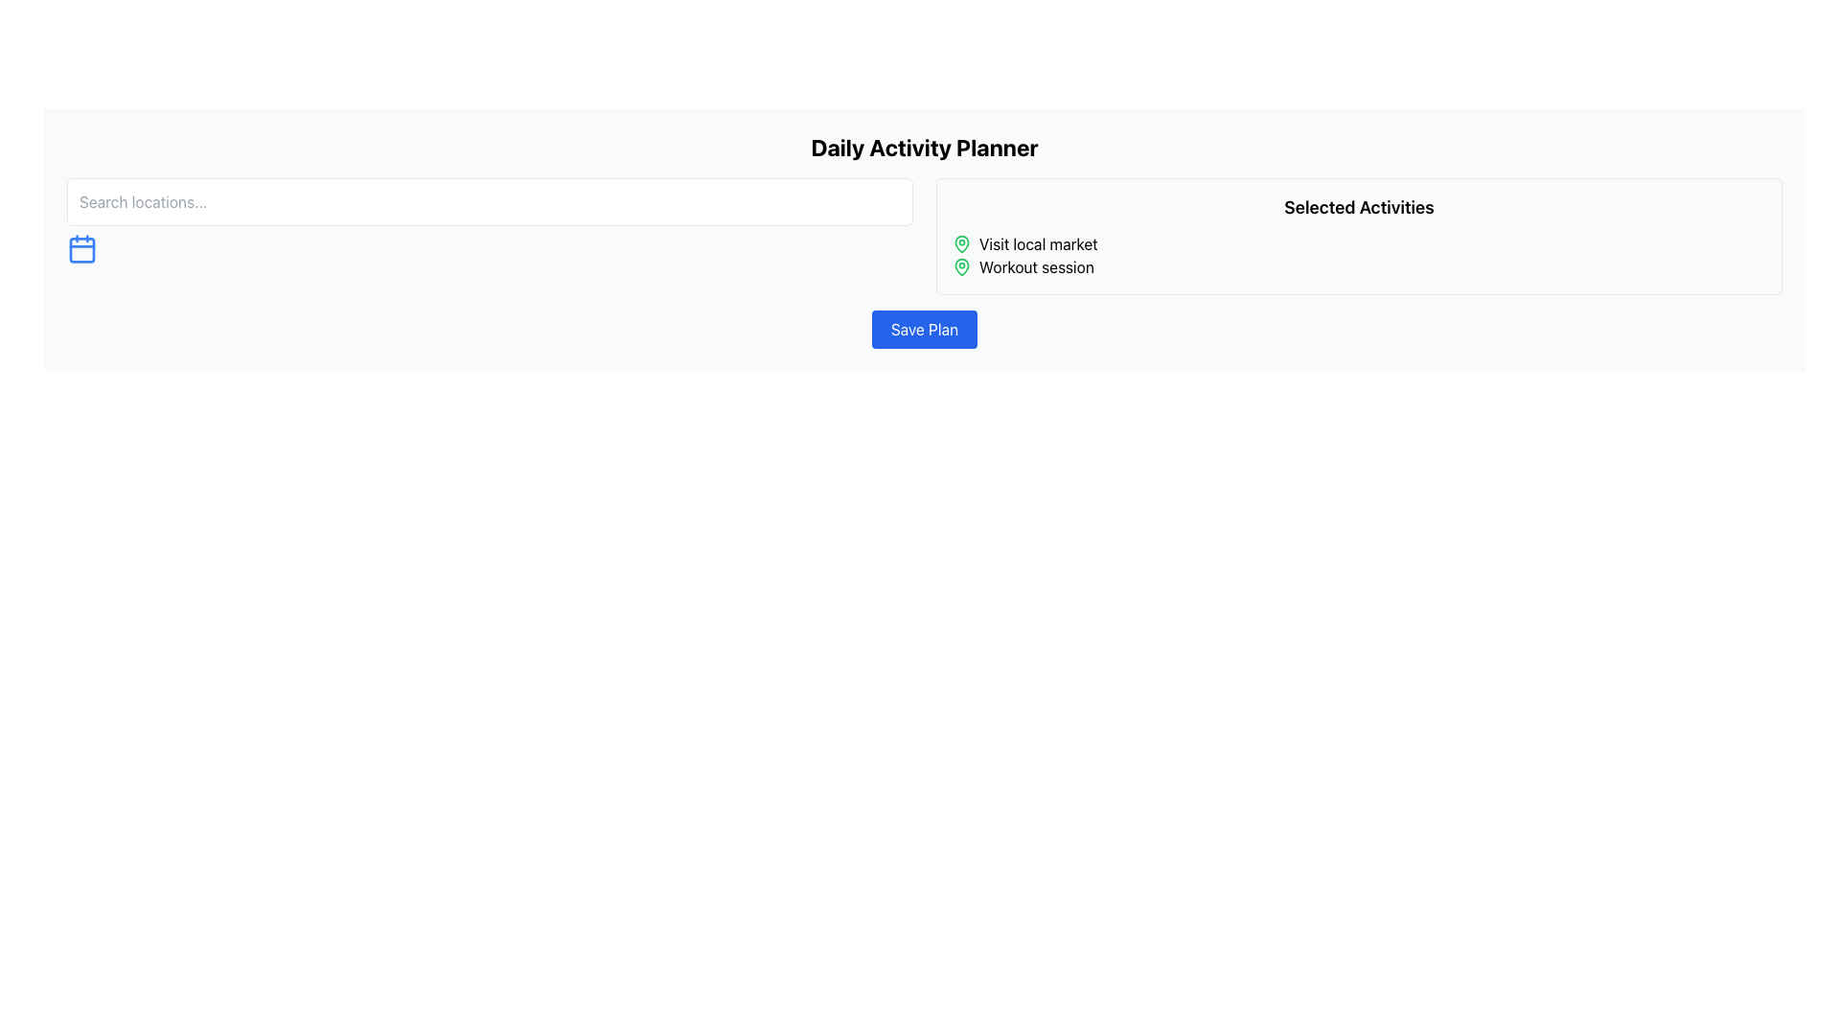  What do you see at coordinates (1035, 266) in the screenshot?
I see `text label 'Workout session' which is the second item in the vertical list inside the 'Selected Activities' box` at bounding box center [1035, 266].